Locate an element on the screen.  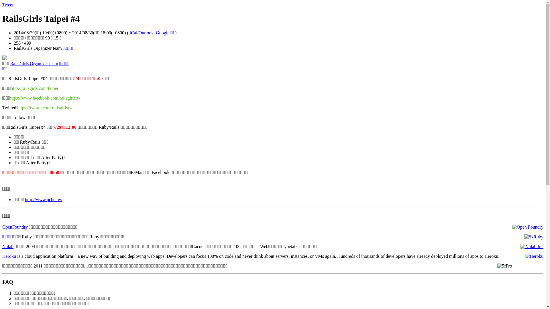
'https://twitter.com/railsgirlstw' is located at coordinates (44, 108).